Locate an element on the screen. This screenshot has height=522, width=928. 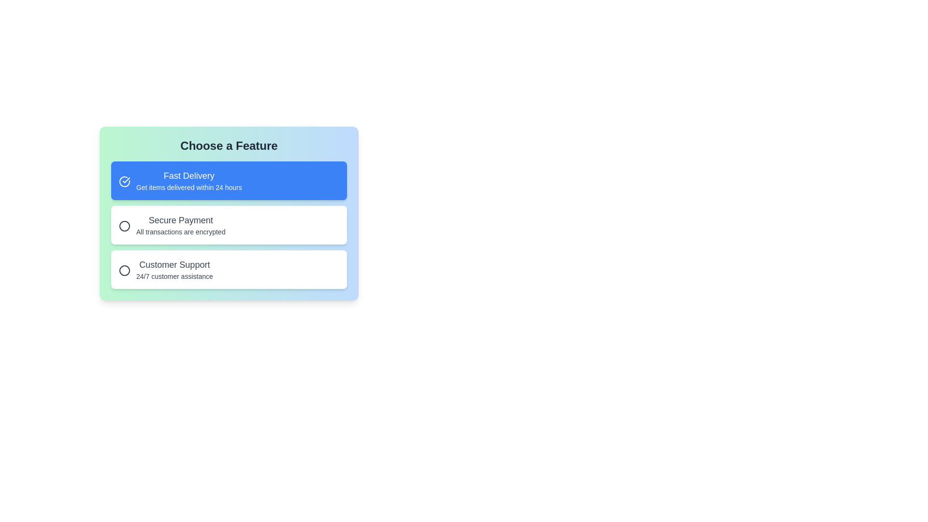
title of the 'Secure Payment' feature, which is a text label centrally located in the second feature option of the selection panel is located at coordinates (181, 220).